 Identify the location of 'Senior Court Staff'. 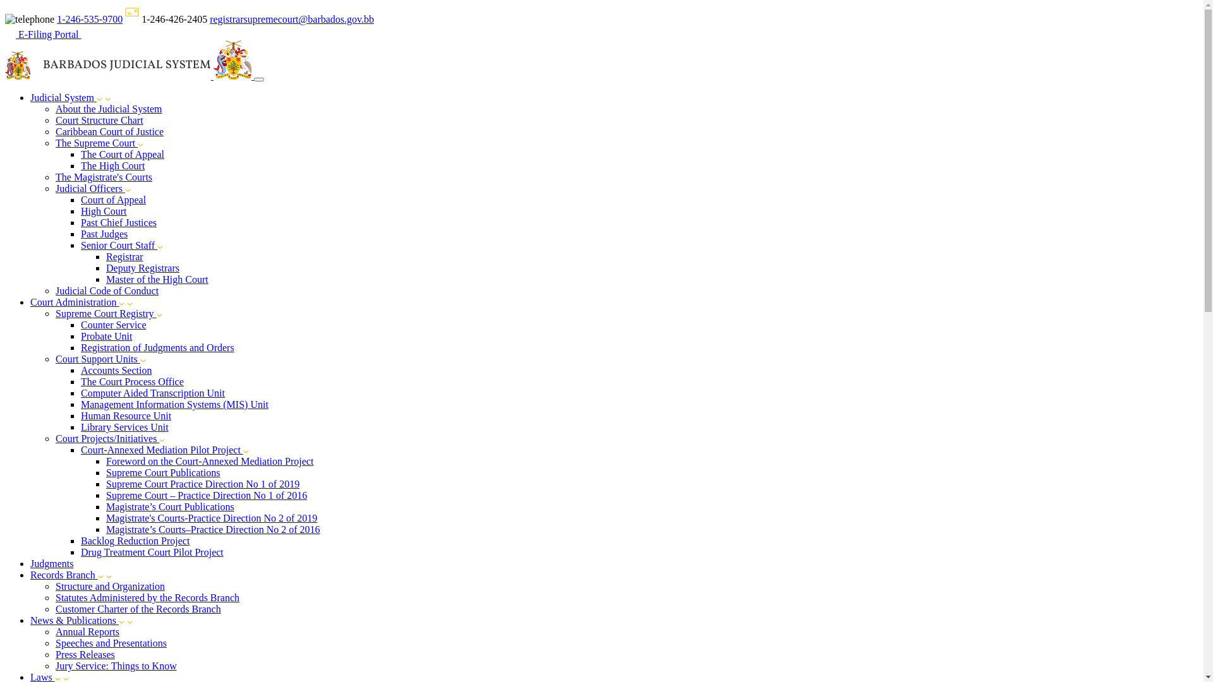
(119, 245).